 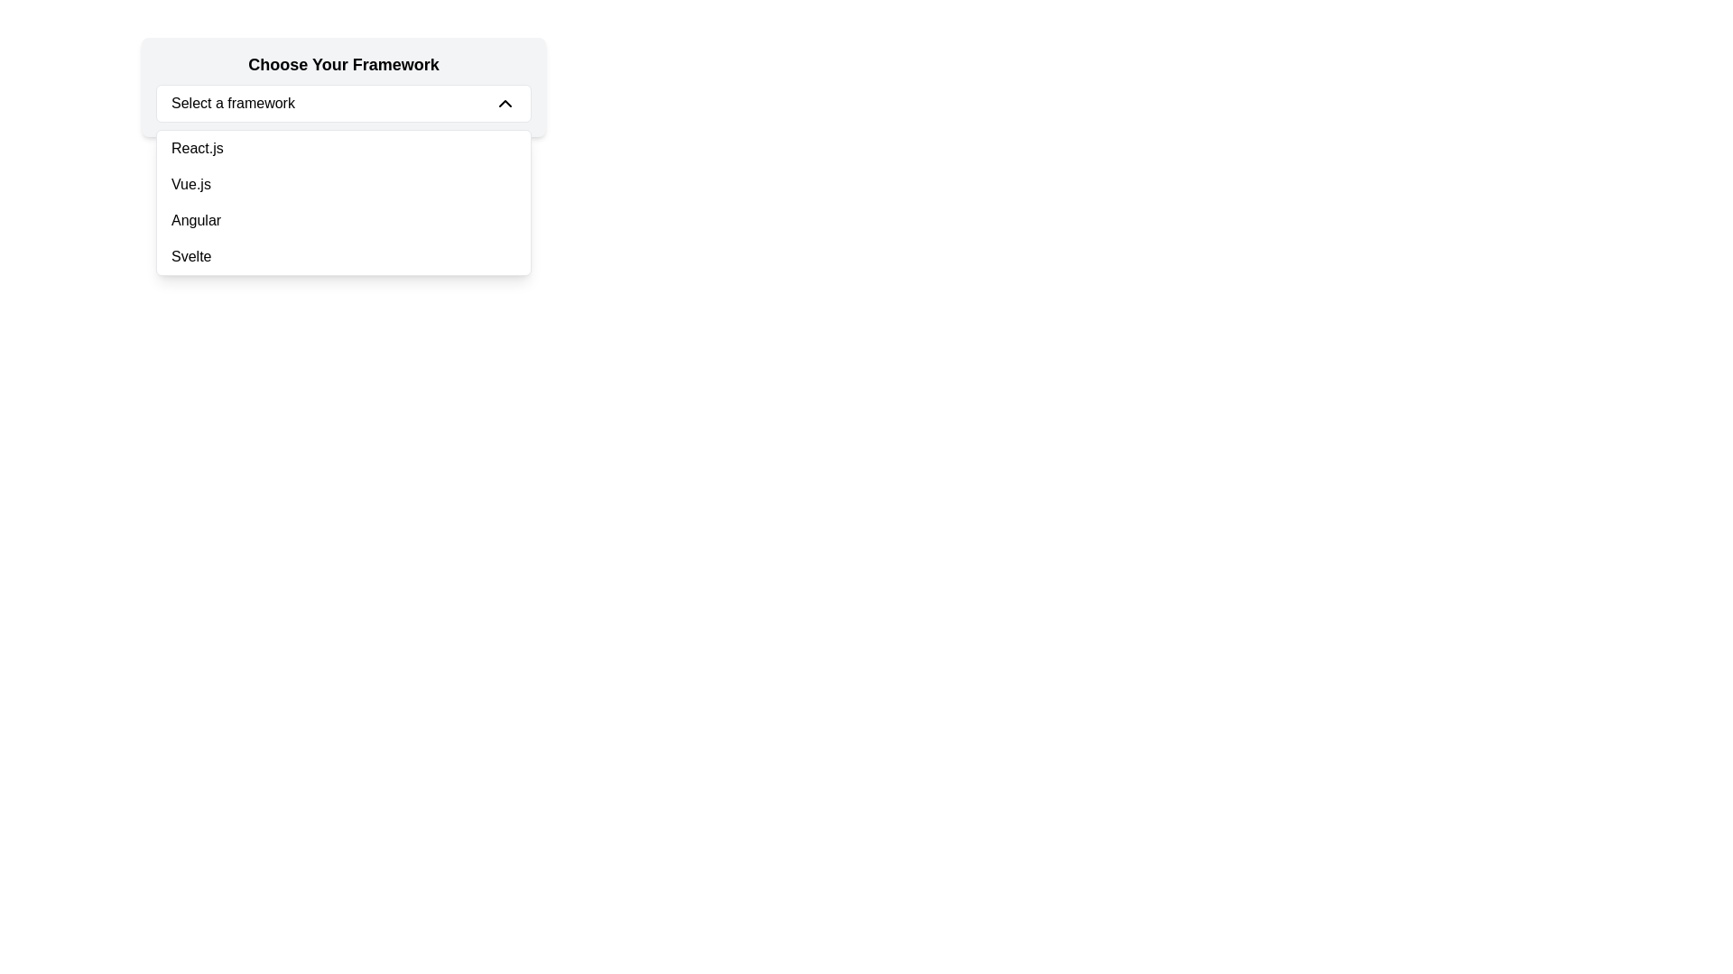 What do you see at coordinates (343, 184) in the screenshot?
I see `the 'Vue.js' option in the dropdown menu, which is the second item below 'React.js' and above 'Angular'` at bounding box center [343, 184].